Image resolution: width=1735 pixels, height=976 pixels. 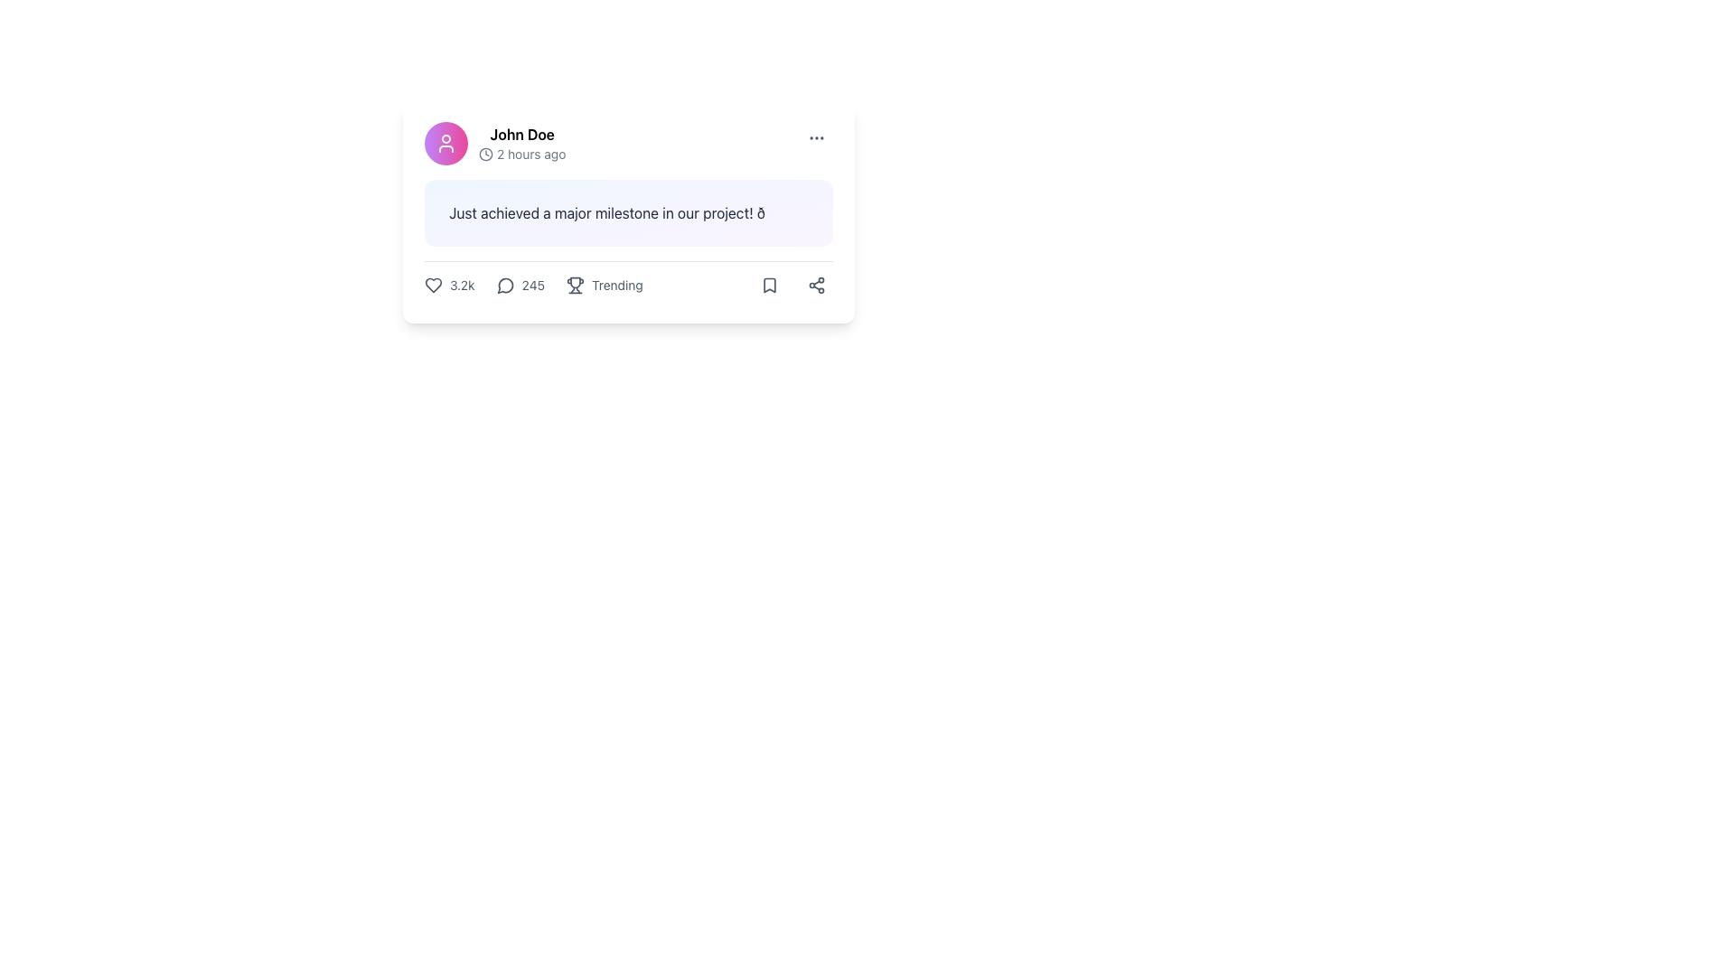 I want to click on the button with a trophy icon and the text 'Trending' to change the icon color from gray to yellow, so click(x=605, y=285).